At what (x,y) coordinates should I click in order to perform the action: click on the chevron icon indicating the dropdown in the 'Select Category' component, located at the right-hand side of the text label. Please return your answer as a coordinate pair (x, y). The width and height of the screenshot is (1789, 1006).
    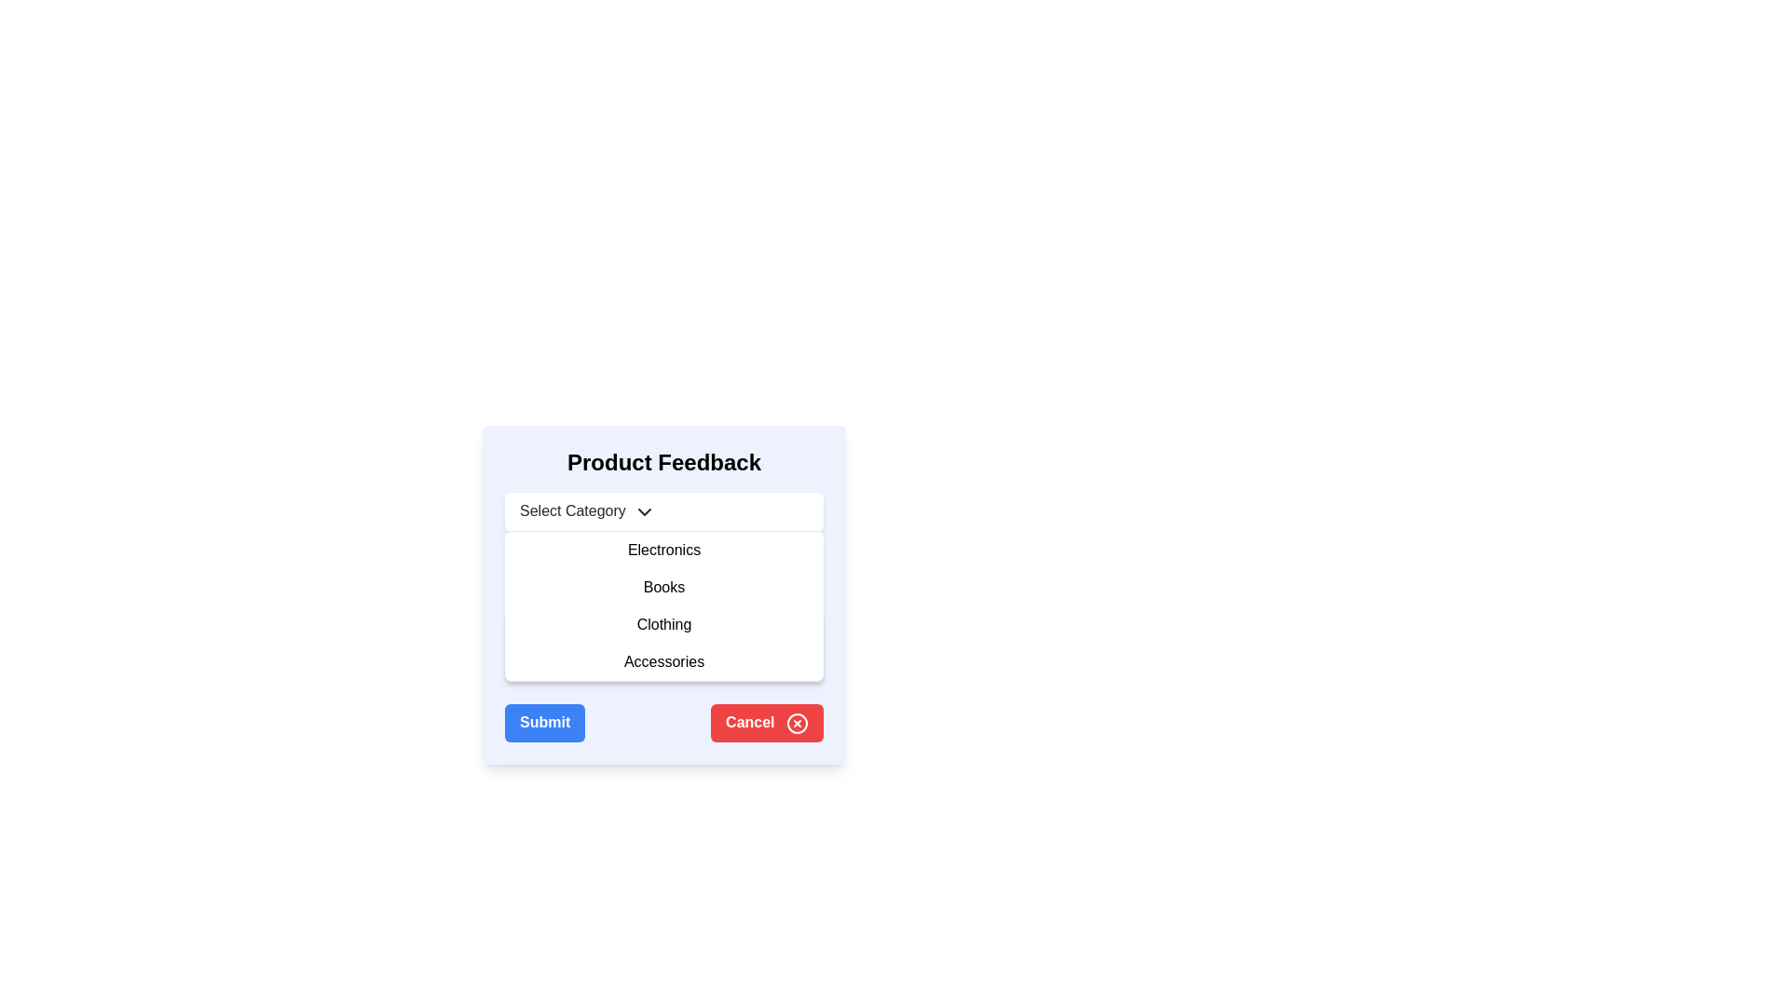
    Looking at the image, I should click on (644, 511).